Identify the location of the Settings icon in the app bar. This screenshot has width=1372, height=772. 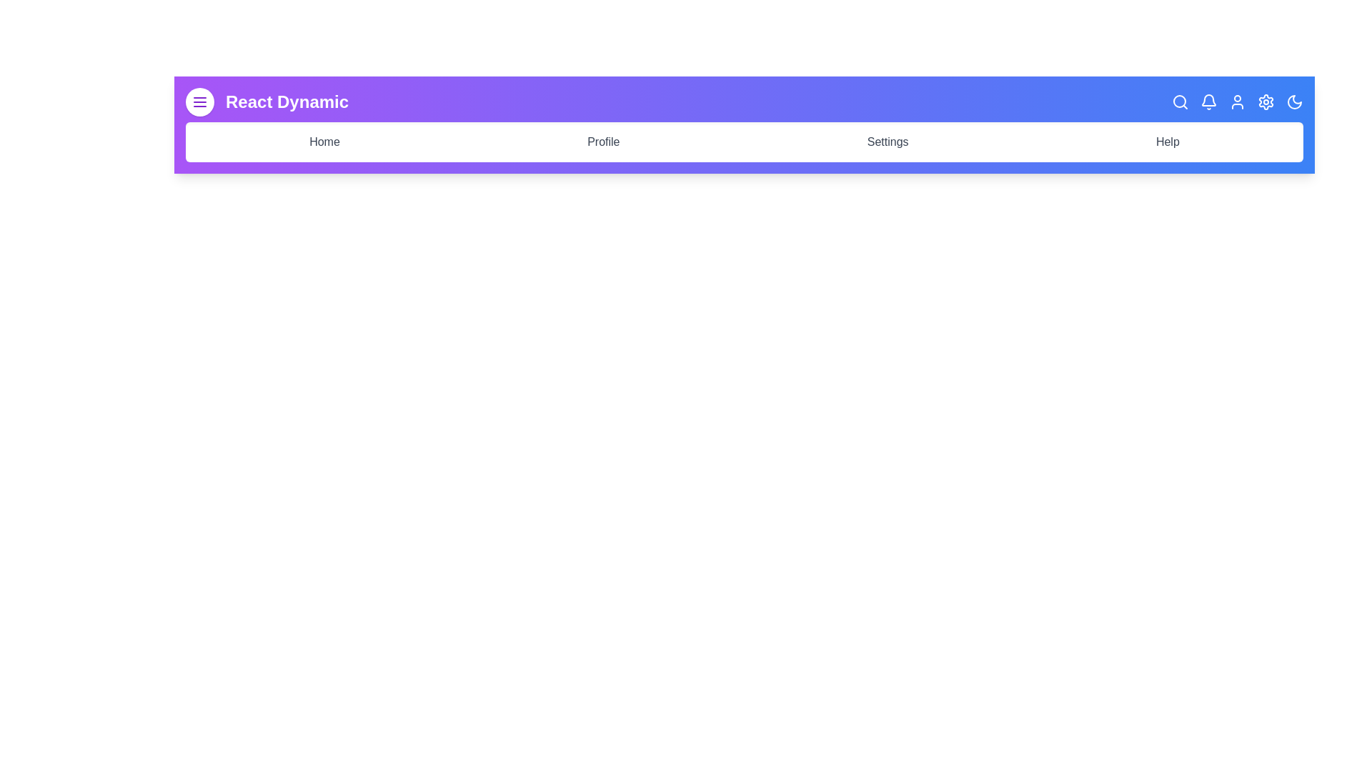
(1266, 101).